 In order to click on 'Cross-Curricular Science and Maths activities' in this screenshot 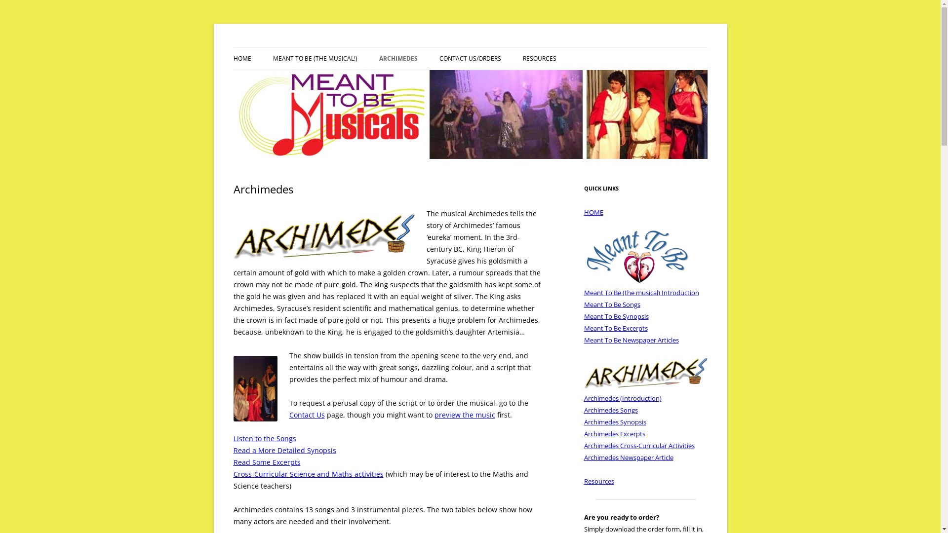, I will do `click(308, 473)`.